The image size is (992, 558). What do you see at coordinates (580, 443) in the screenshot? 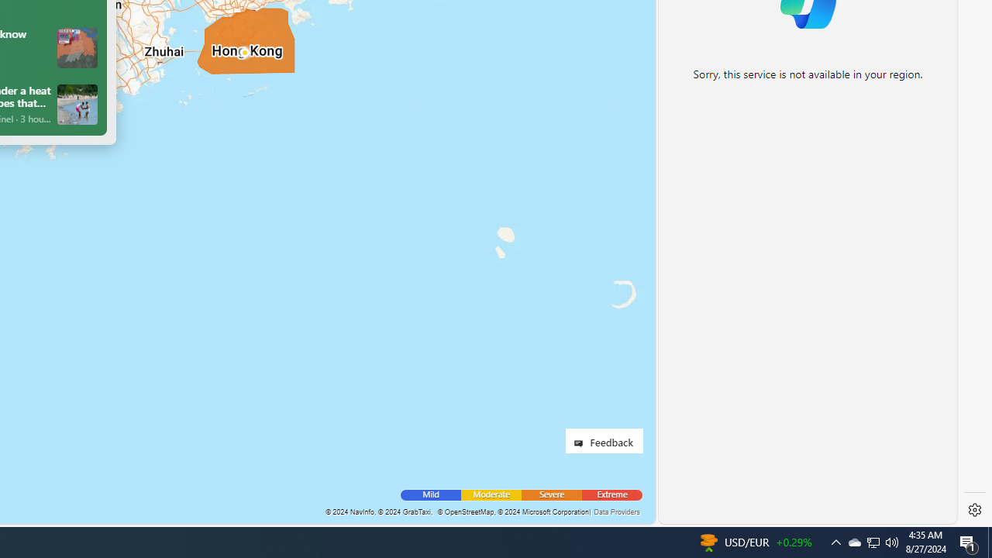
I see `'Class: feedback_link_icon-DS-EntryPoint1-1'` at bounding box center [580, 443].